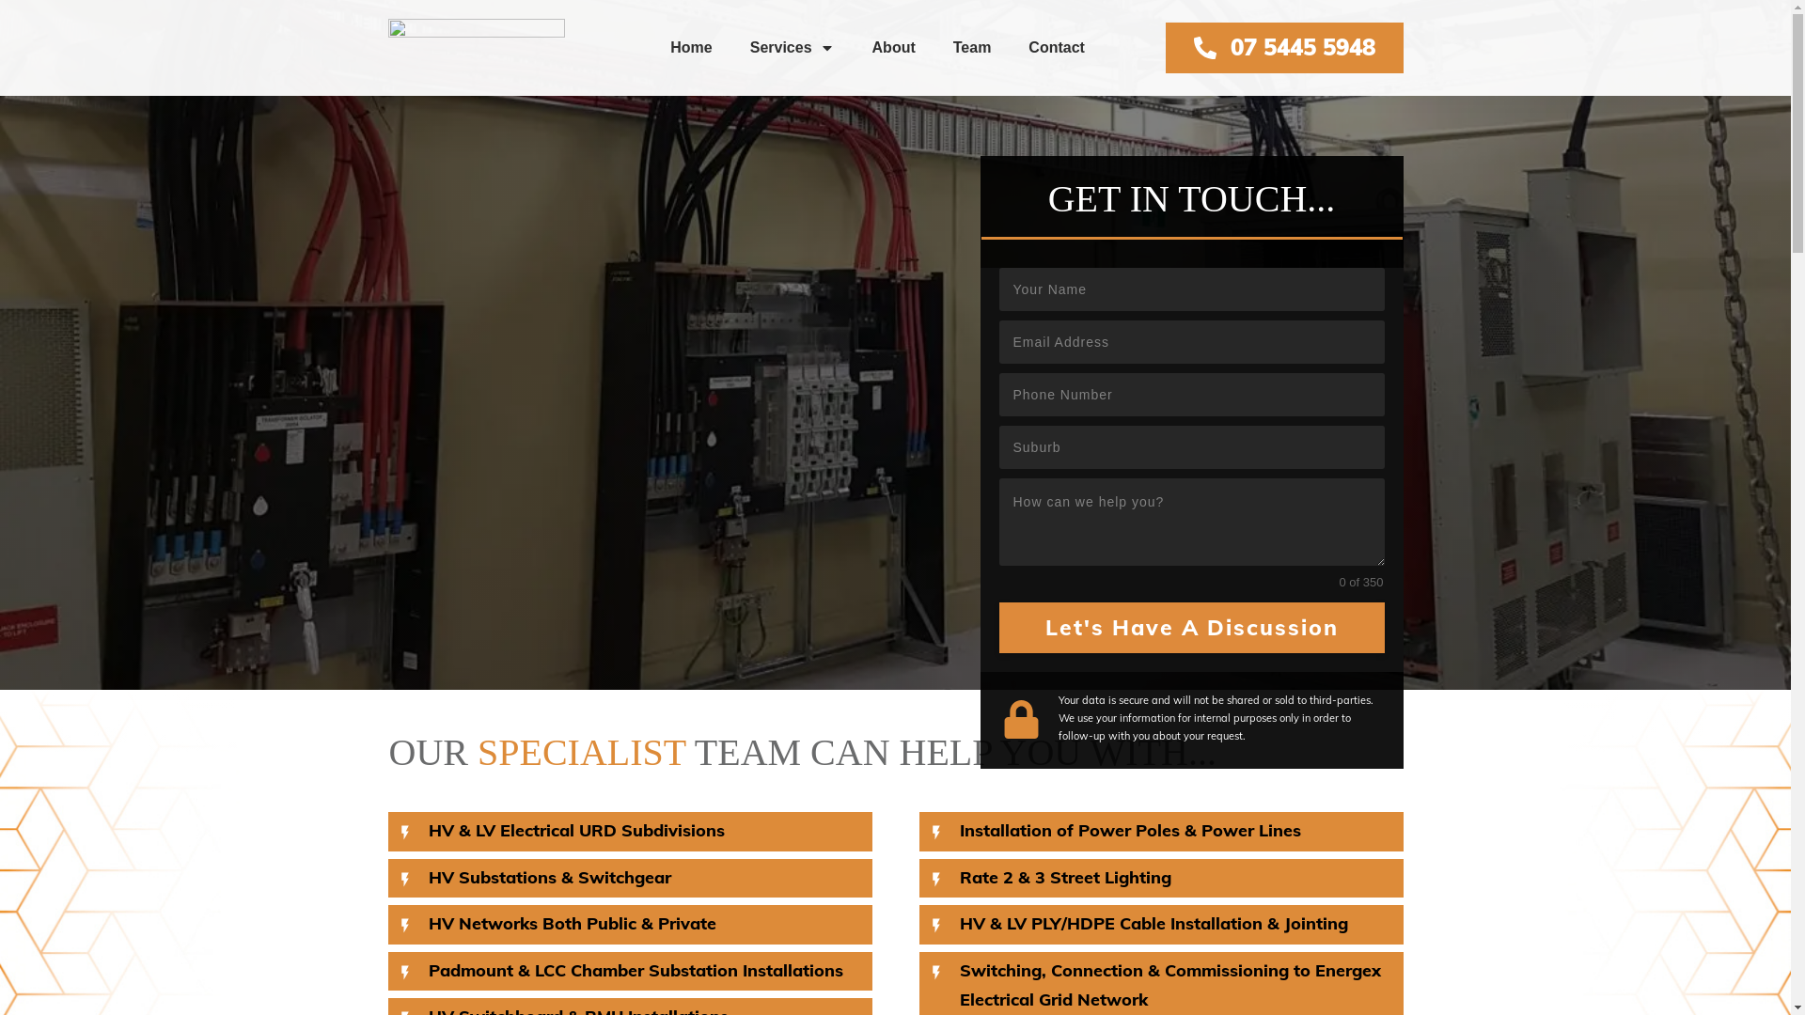 The image size is (1805, 1015). I want to click on 'Let's Have A Discussion', so click(1190, 627).